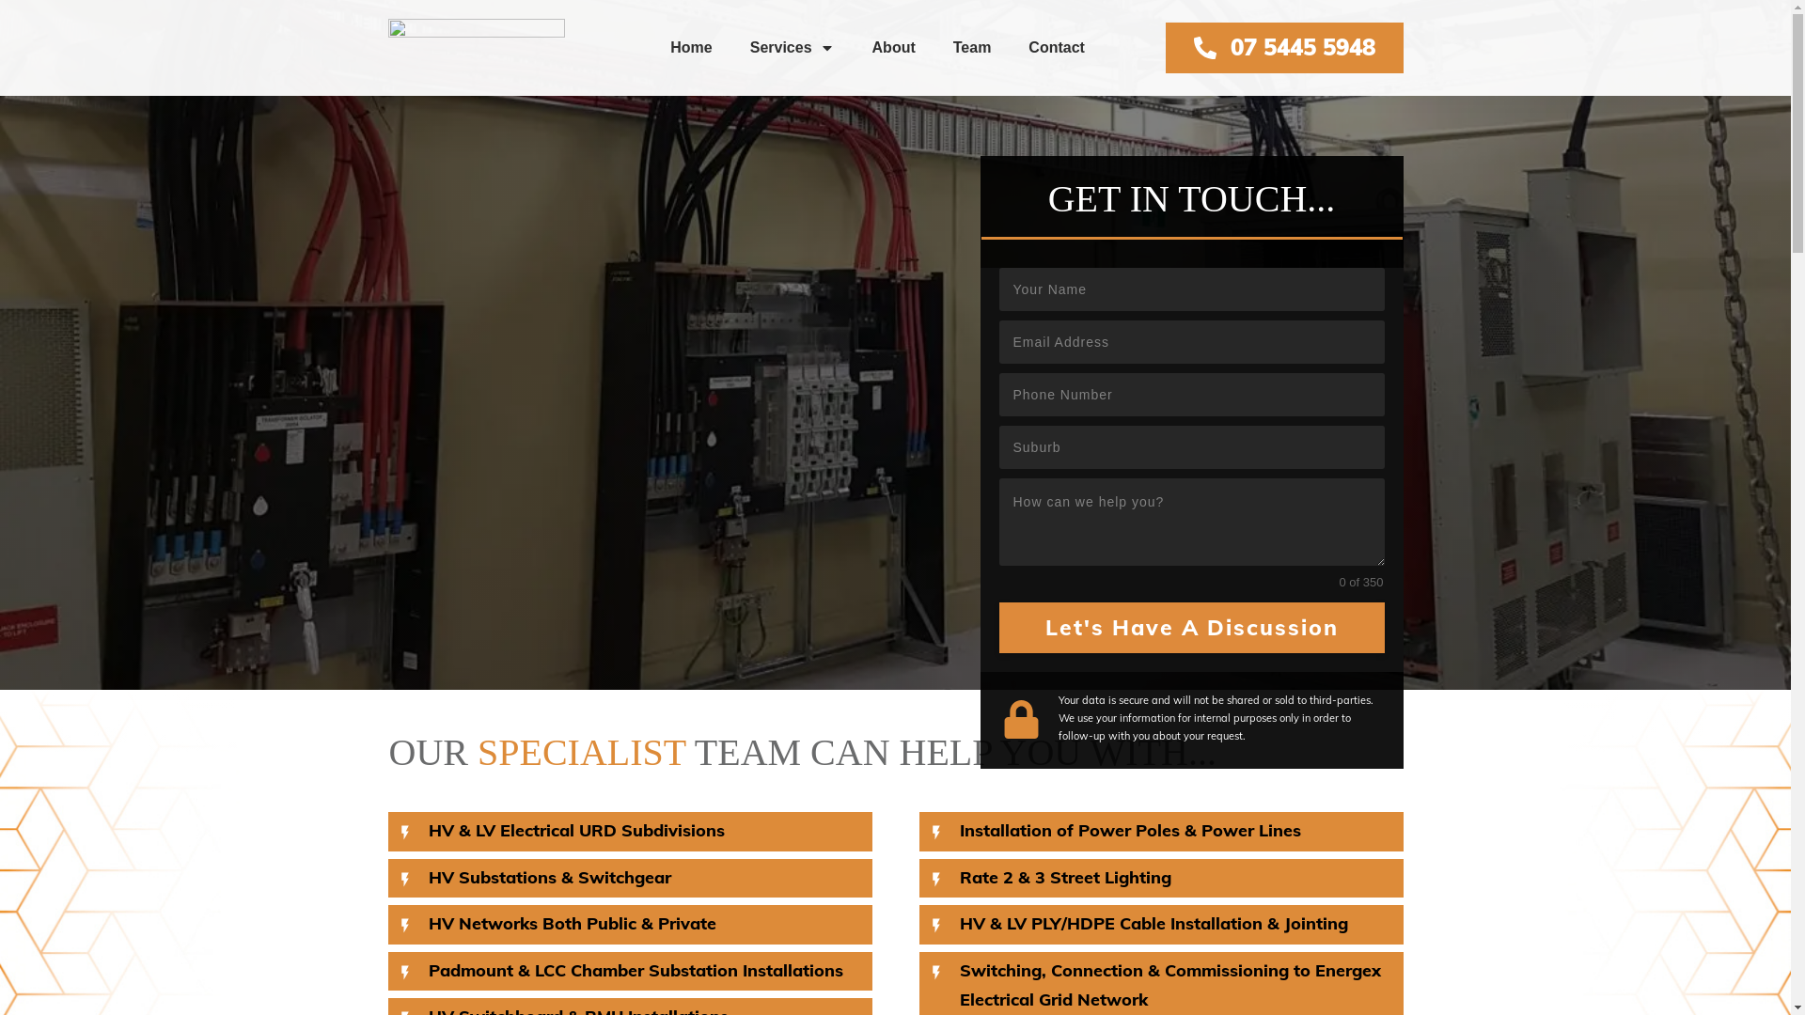 The image size is (1805, 1015). I want to click on 'Let's Have A Discussion', so click(1190, 627).